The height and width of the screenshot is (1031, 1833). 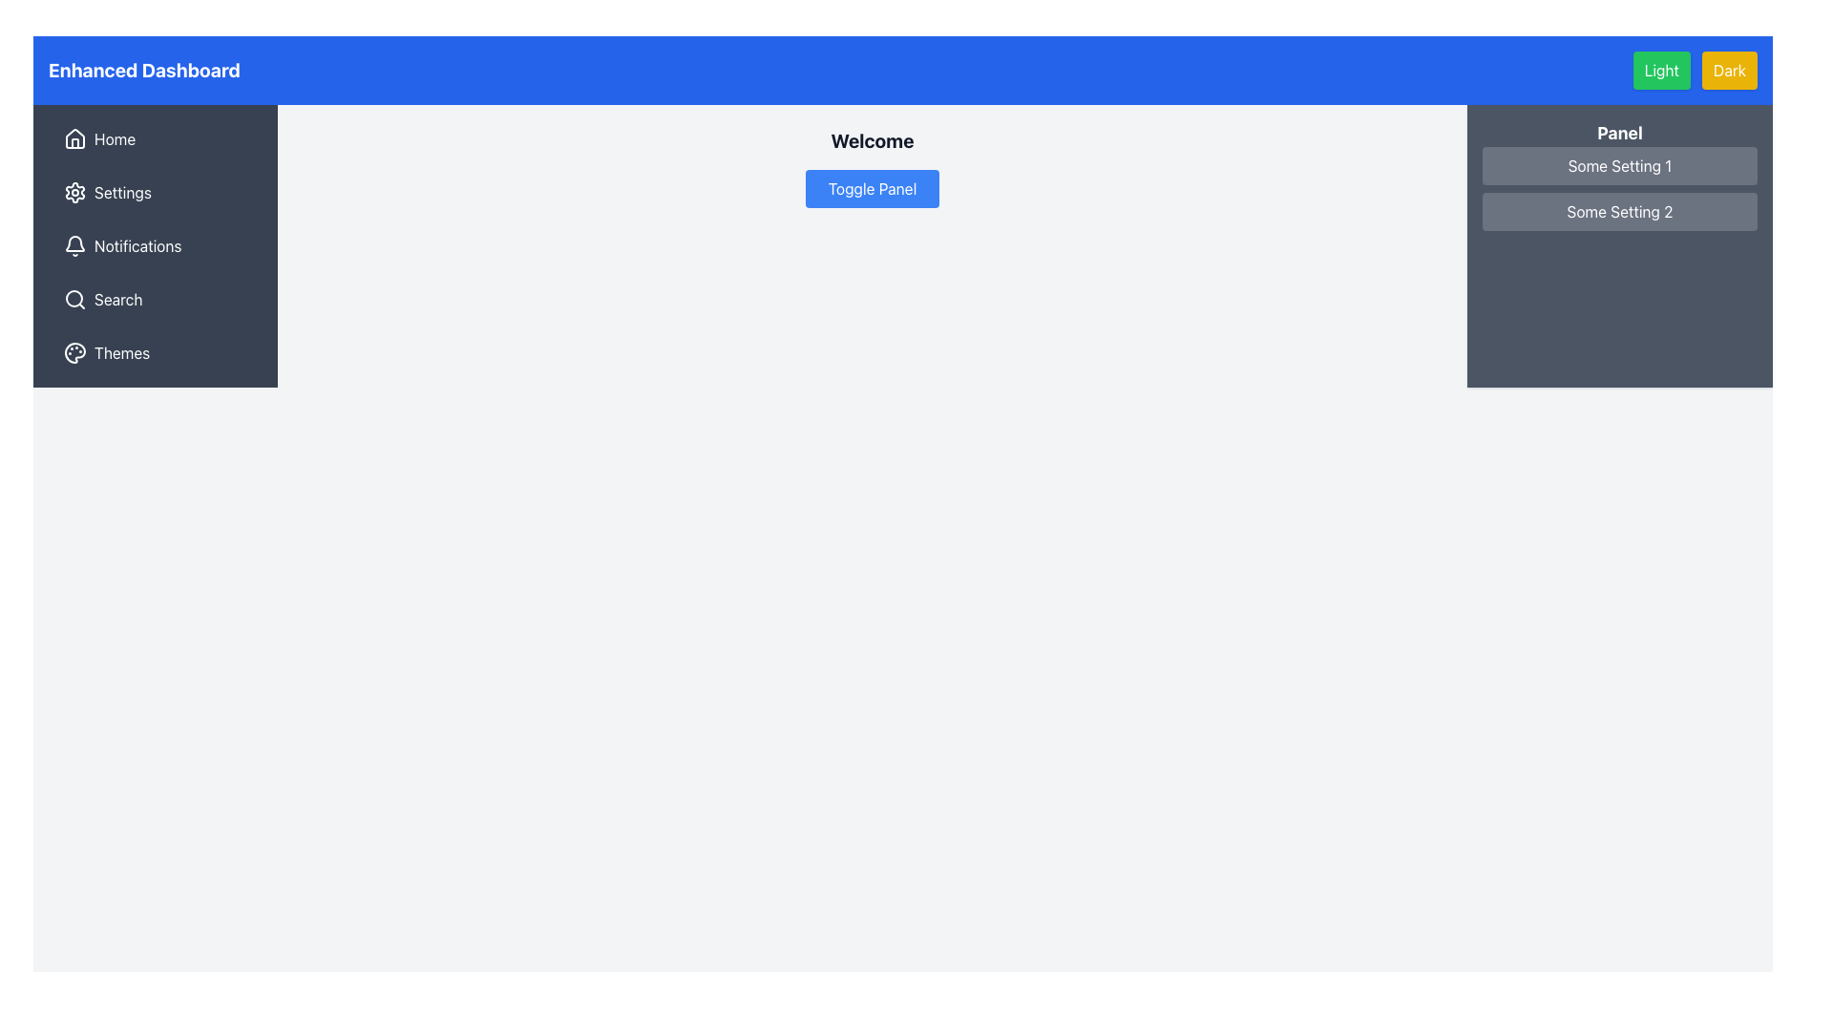 What do you see at coordinates (121, 353) in the screenshot?
I see `the last menu item text label in the sidebar` at bounding box center [121, 353].